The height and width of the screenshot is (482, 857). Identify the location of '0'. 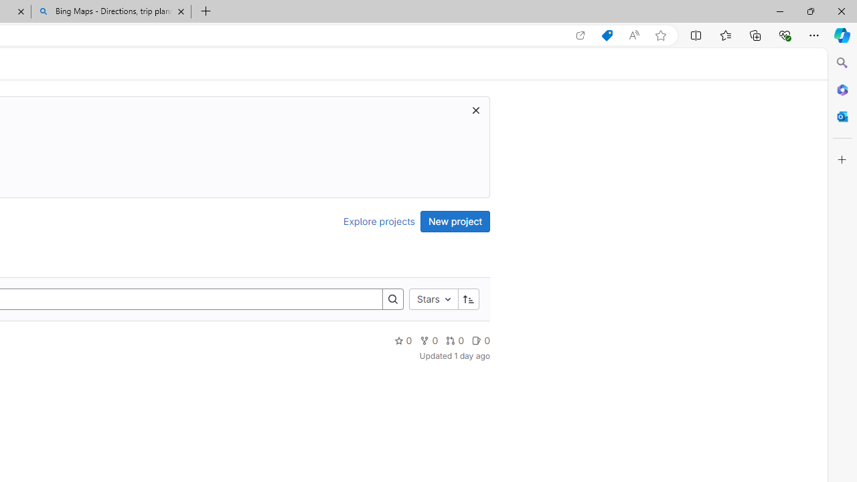
(481, 339).